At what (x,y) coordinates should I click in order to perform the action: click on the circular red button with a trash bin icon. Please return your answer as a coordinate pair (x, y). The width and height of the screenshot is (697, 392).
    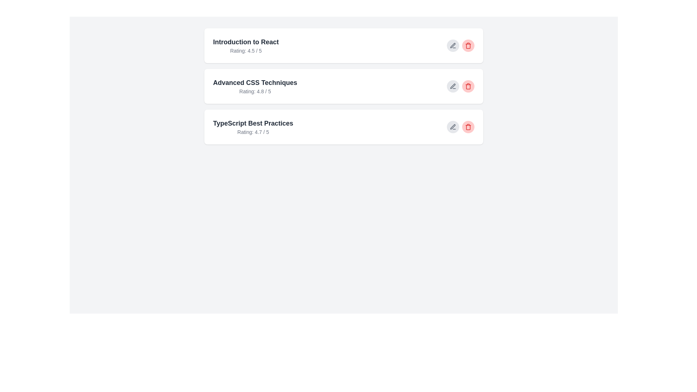
    Looking at the image, I should click on (468, 86).